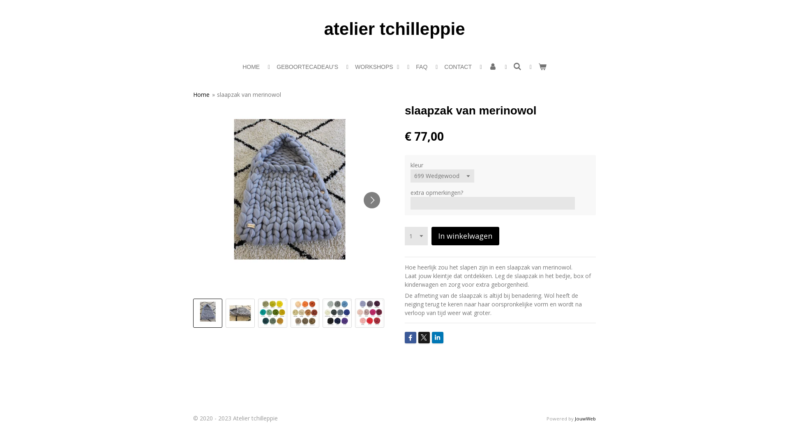 The width and height of the screenshot is (789, 443). Describe the element at coordinates (238, 66) in the screenshot. I see `'HOME'` at that location.